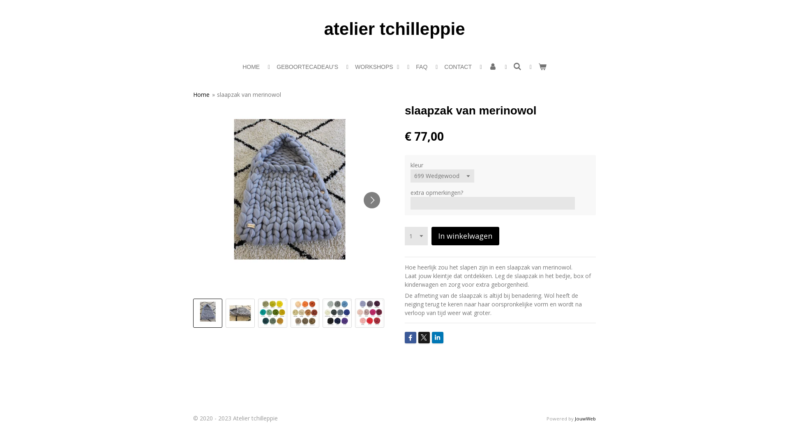 The width and height of the screenshot is (789, 443). Describe the element at coordinates (238, 66) in the screenshot. I see `'HOME'` at that location.